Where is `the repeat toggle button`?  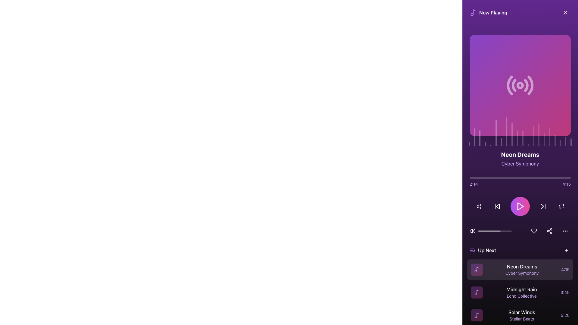 the repeat toggle button is located at coordinates (561, 206).